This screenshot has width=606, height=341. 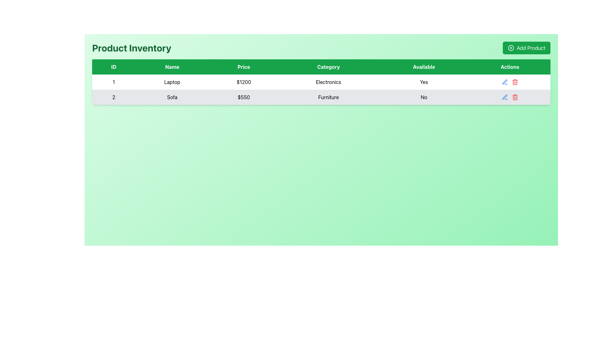 What do you see at coordinates (172, 97) in the screenshot?
I see `the Text Label displaying 'Sofa' which is located in the second column of the second row in the table, adjacent to '2' on the left and '$550' on the right` at bounding box center [172, 97].